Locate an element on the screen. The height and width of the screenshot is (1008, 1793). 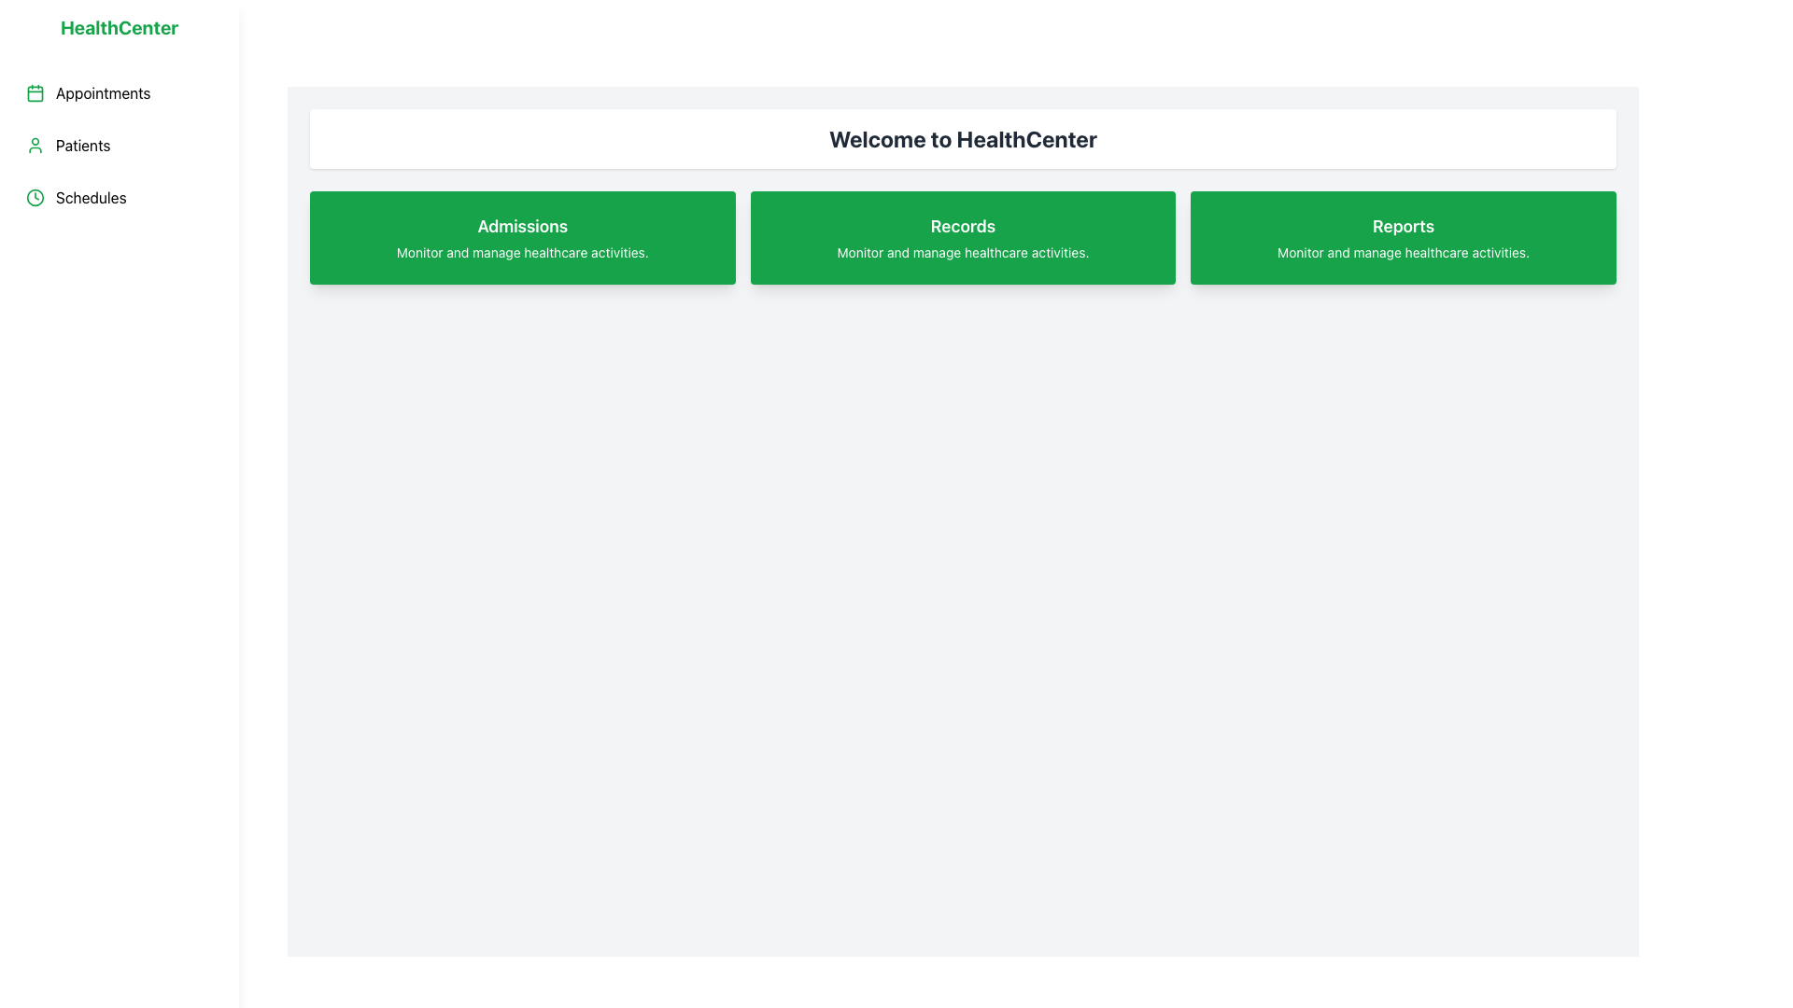
bold text label 'Records' which is centrally aligned within the green background in the second of three horizontally aligned blocks is located at coordinates (963, 226).